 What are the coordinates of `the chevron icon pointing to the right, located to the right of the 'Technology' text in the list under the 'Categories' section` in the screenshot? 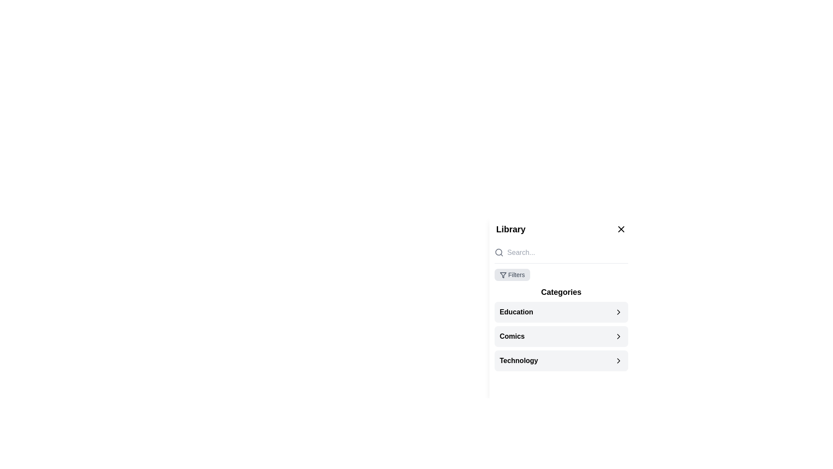 It's located at (618, 360).